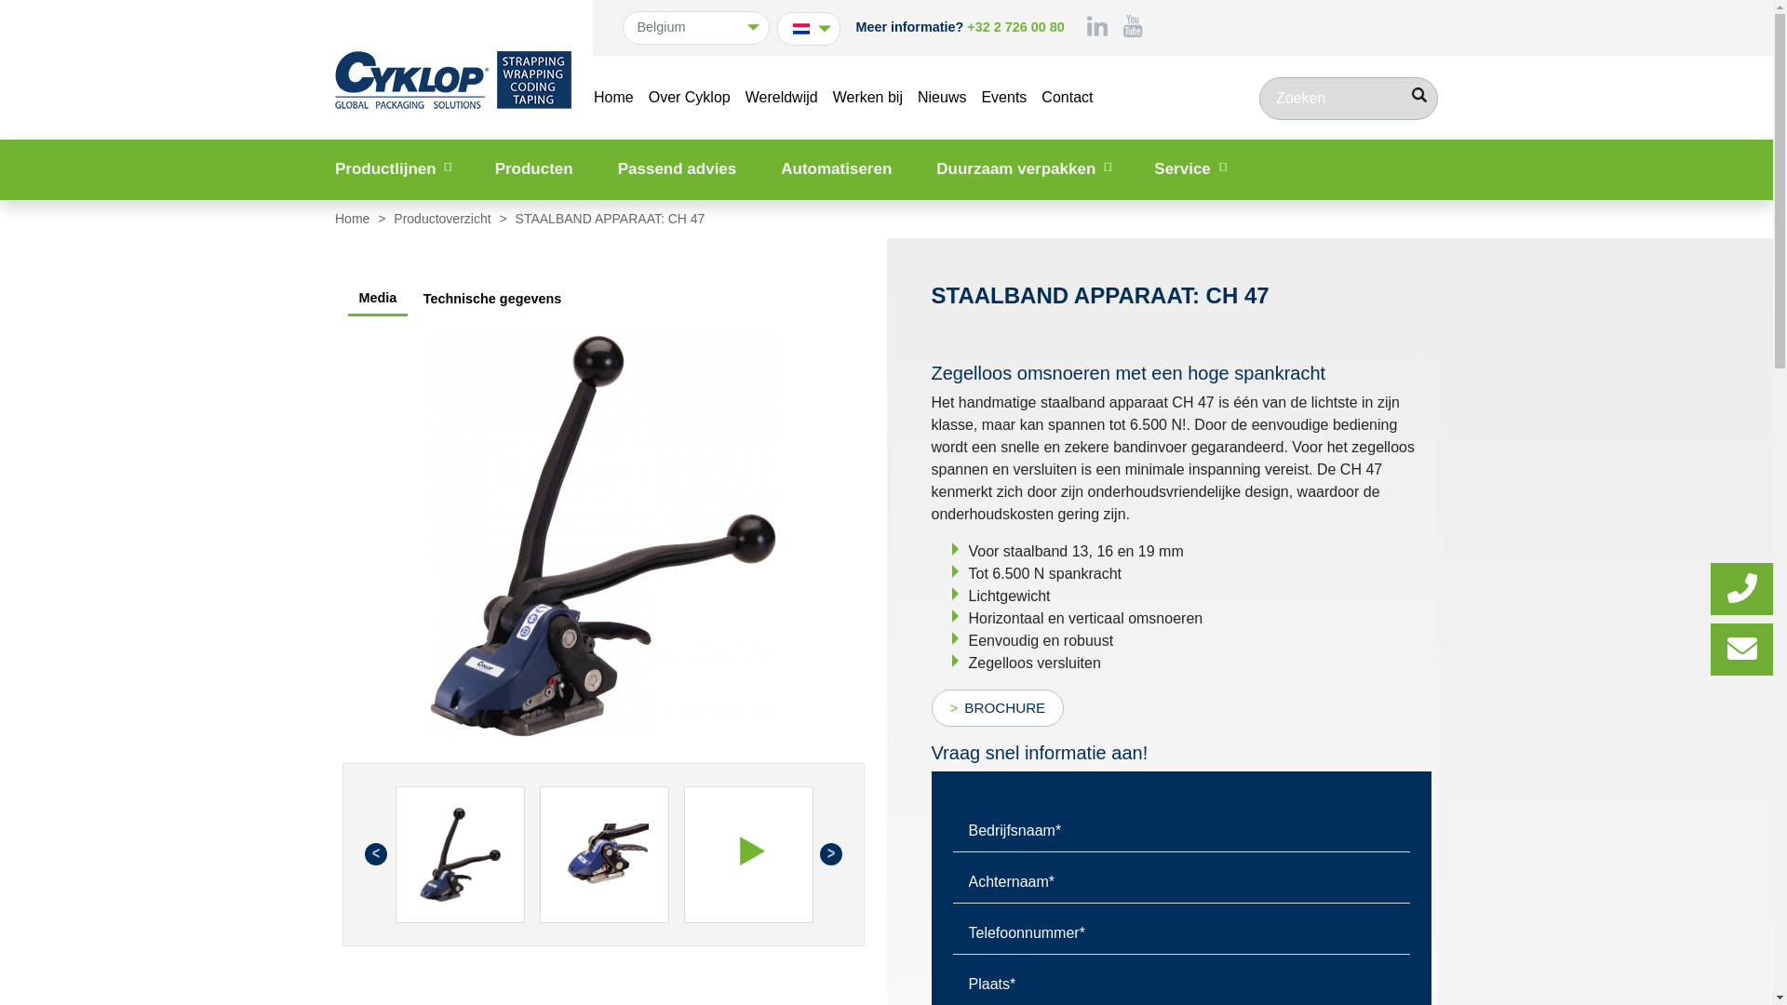 This screenshot has width=1787, height=1005. I want to click on 'STAALBAND APPARAAT: CH 47', so click(459, 854).